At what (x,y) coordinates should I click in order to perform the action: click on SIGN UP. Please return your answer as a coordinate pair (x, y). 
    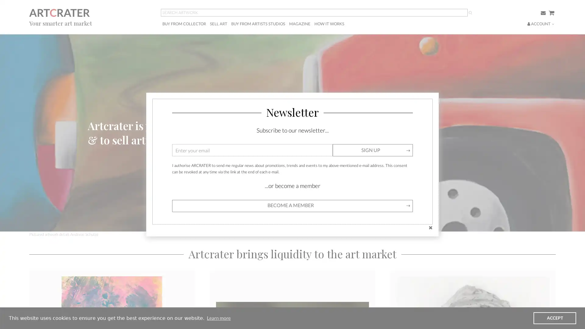
    Looking at the image, I should click on (372, 150).